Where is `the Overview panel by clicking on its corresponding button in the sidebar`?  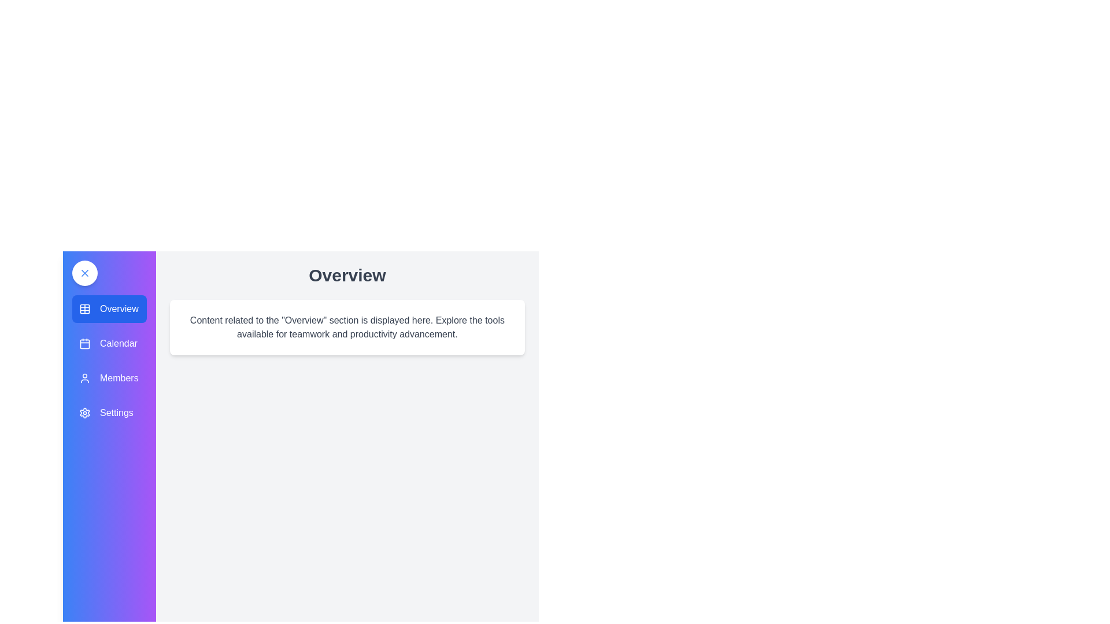
the Overview panel by clicking on its corresponding button in the sidebar is located at coordinates (109, 309).